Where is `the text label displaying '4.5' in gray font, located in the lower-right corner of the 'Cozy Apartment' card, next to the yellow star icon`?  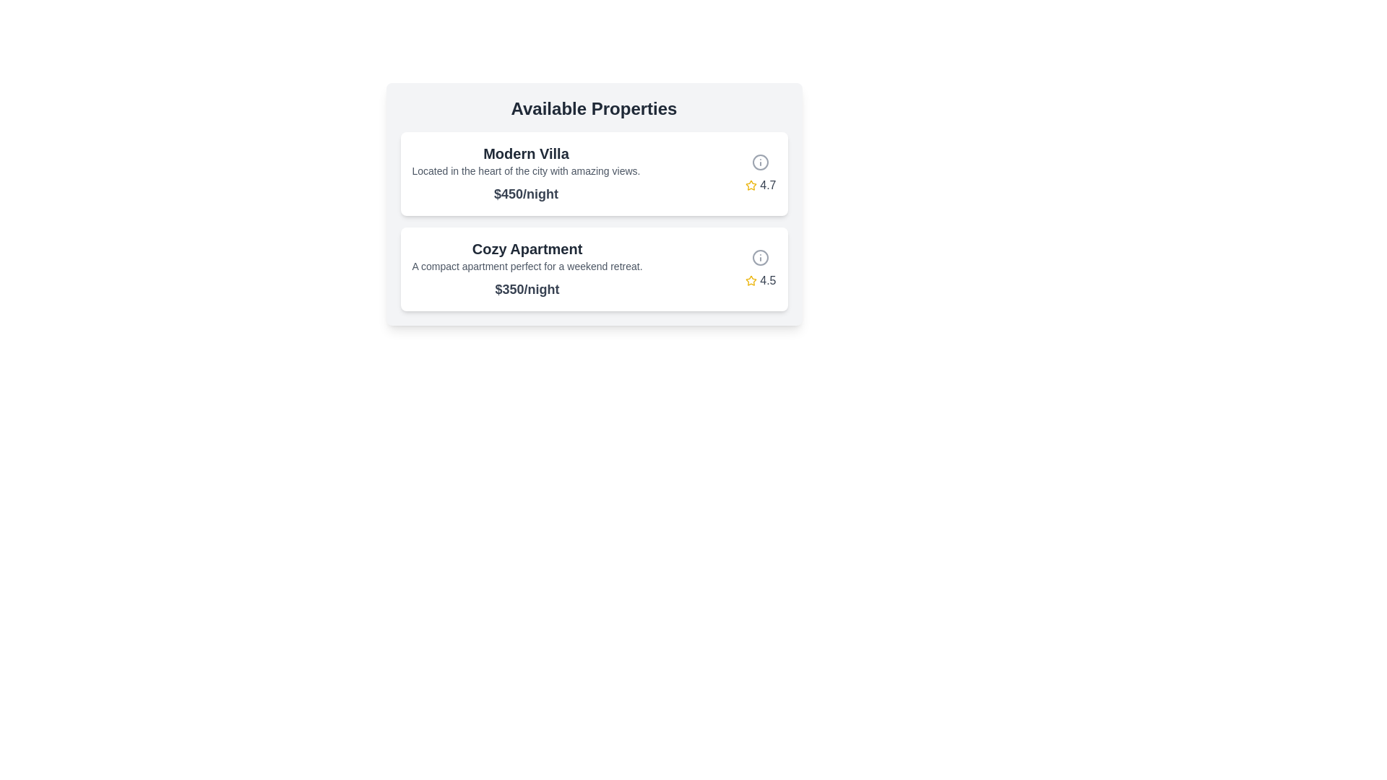 the text label displaying '4.5' in gray font, located in the lower-right corner of the 'Cozy Apartment' card, next to the yellow star icon is located at coordinates (767, 281).